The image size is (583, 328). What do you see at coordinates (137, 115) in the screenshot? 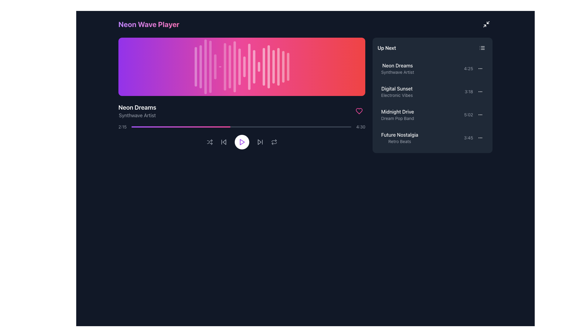
I see `the text label that reads 'Synthwave Artist', which is styled in gray font and located directly beneath the 'Neon Dreams' title` at bounding box center [137, 115].